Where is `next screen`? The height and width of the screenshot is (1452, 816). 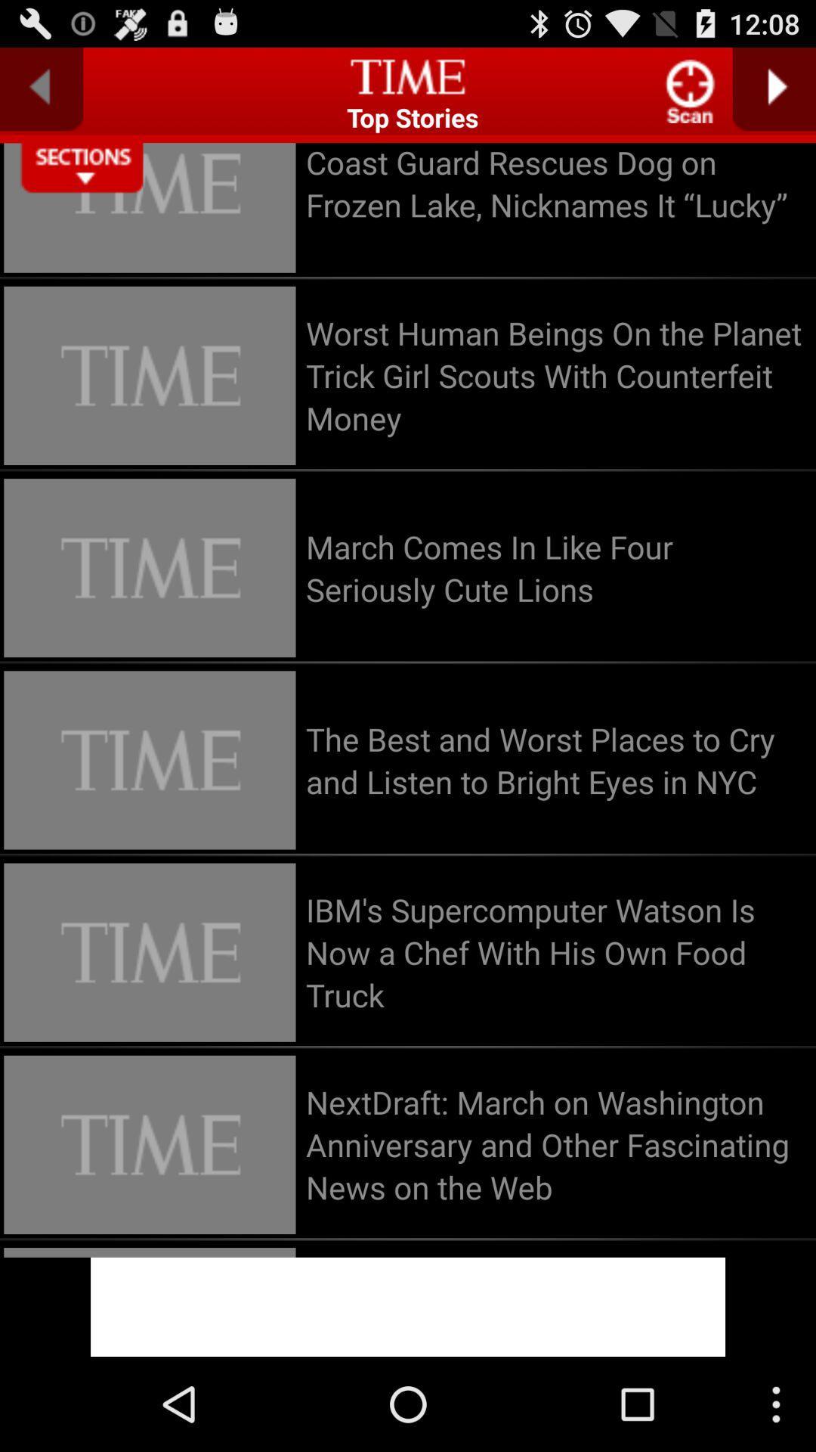 next screen is located at coordinates (774, 88).